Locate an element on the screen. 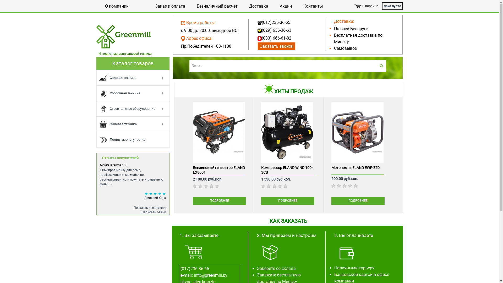 The height and width of the screenshot is (283, 503). 'Greenmill' is located at coordinates (124, 40).